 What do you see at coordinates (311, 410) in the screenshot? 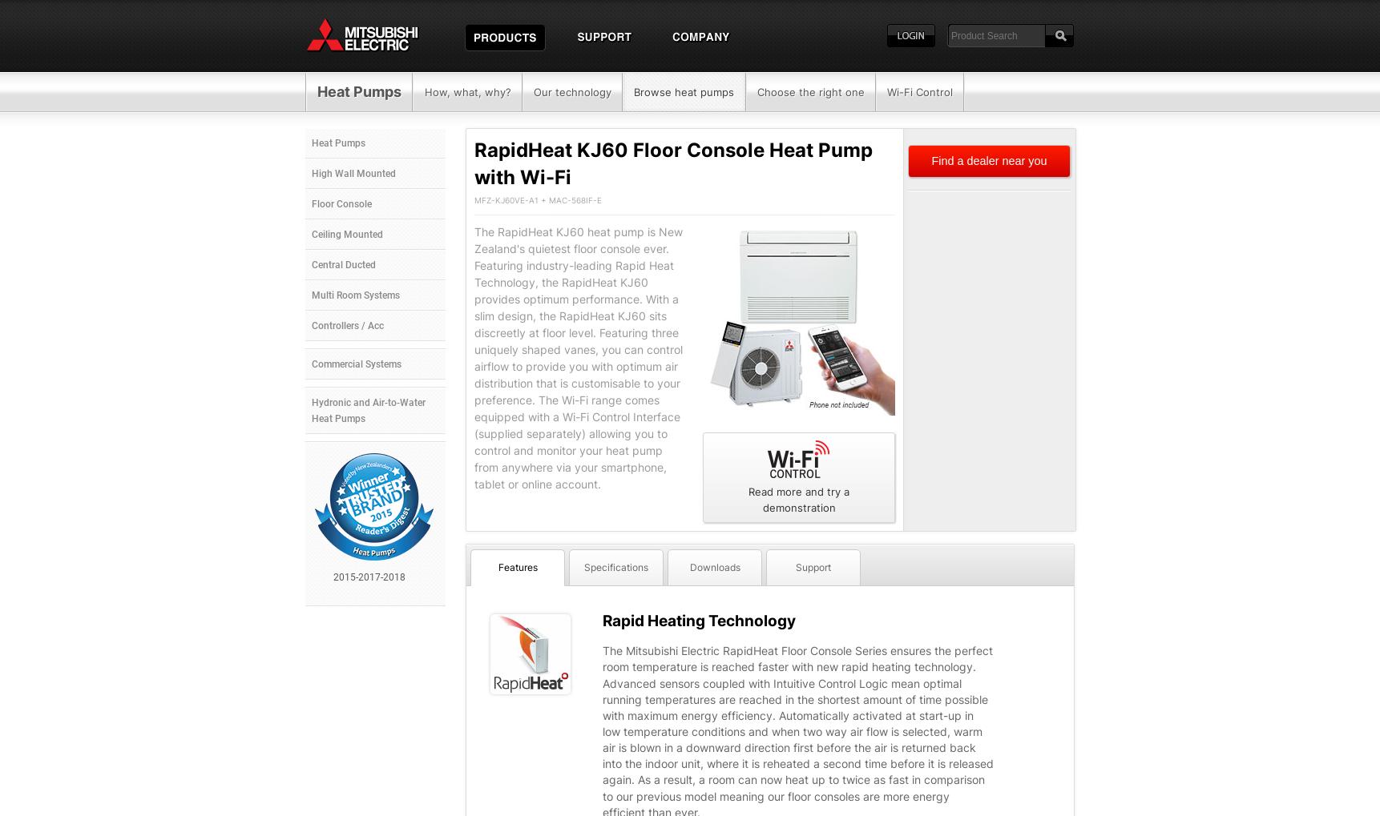
I see `'Hydronic and Air-to-Water Heat Pumps'` at bounding box center [311, 410].